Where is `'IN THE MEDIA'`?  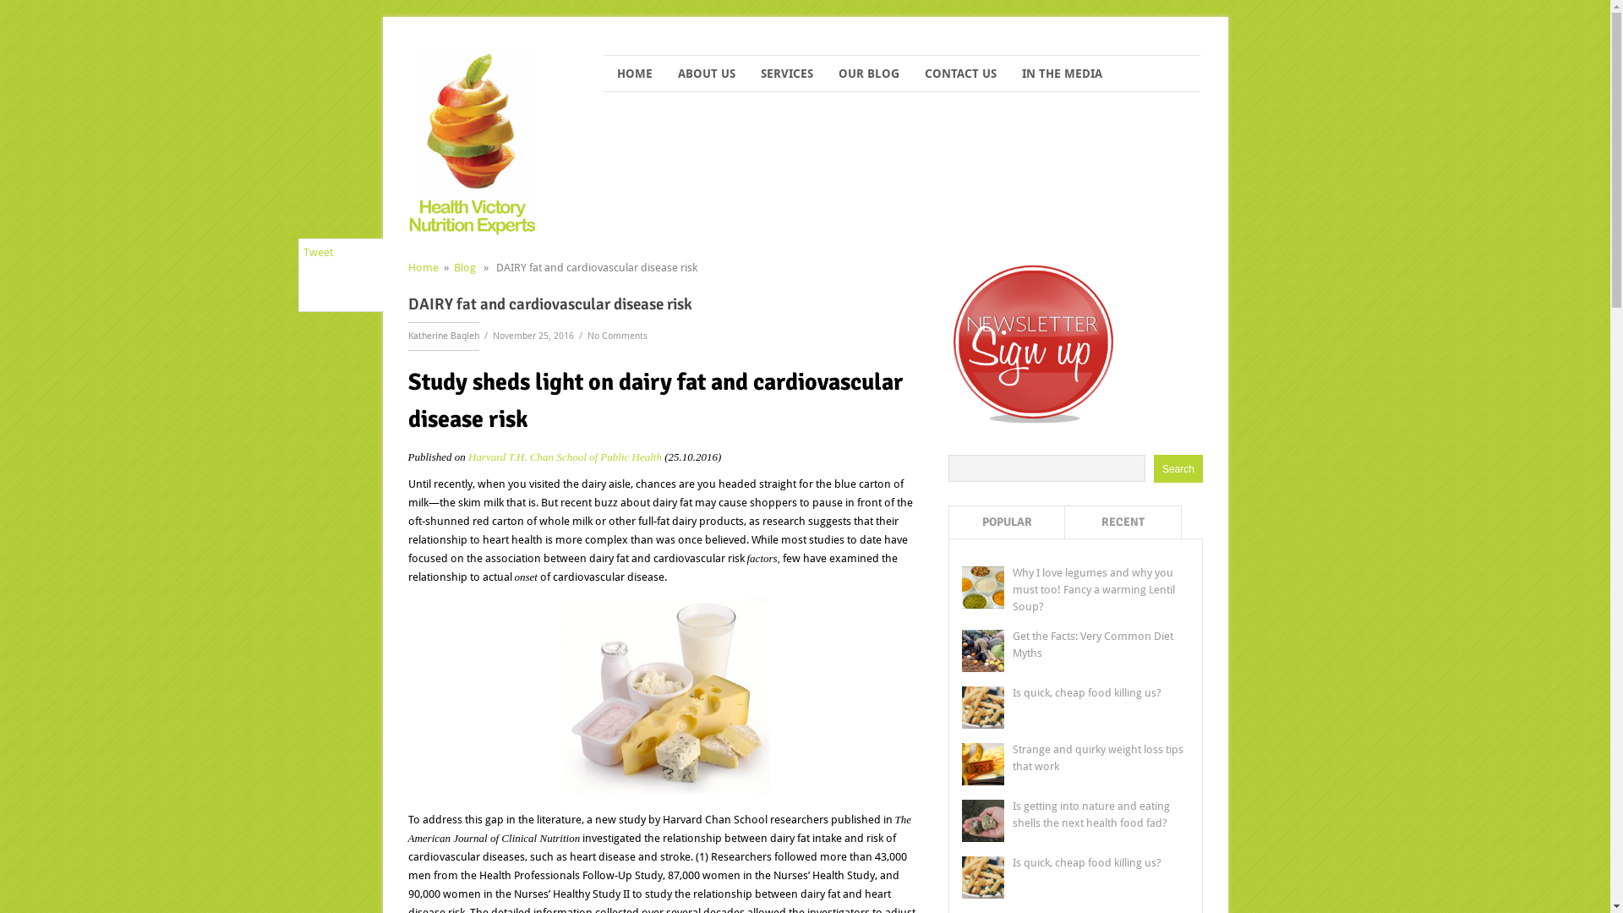 'IN THE MEDIA' is located at coordinates (1061, 73).